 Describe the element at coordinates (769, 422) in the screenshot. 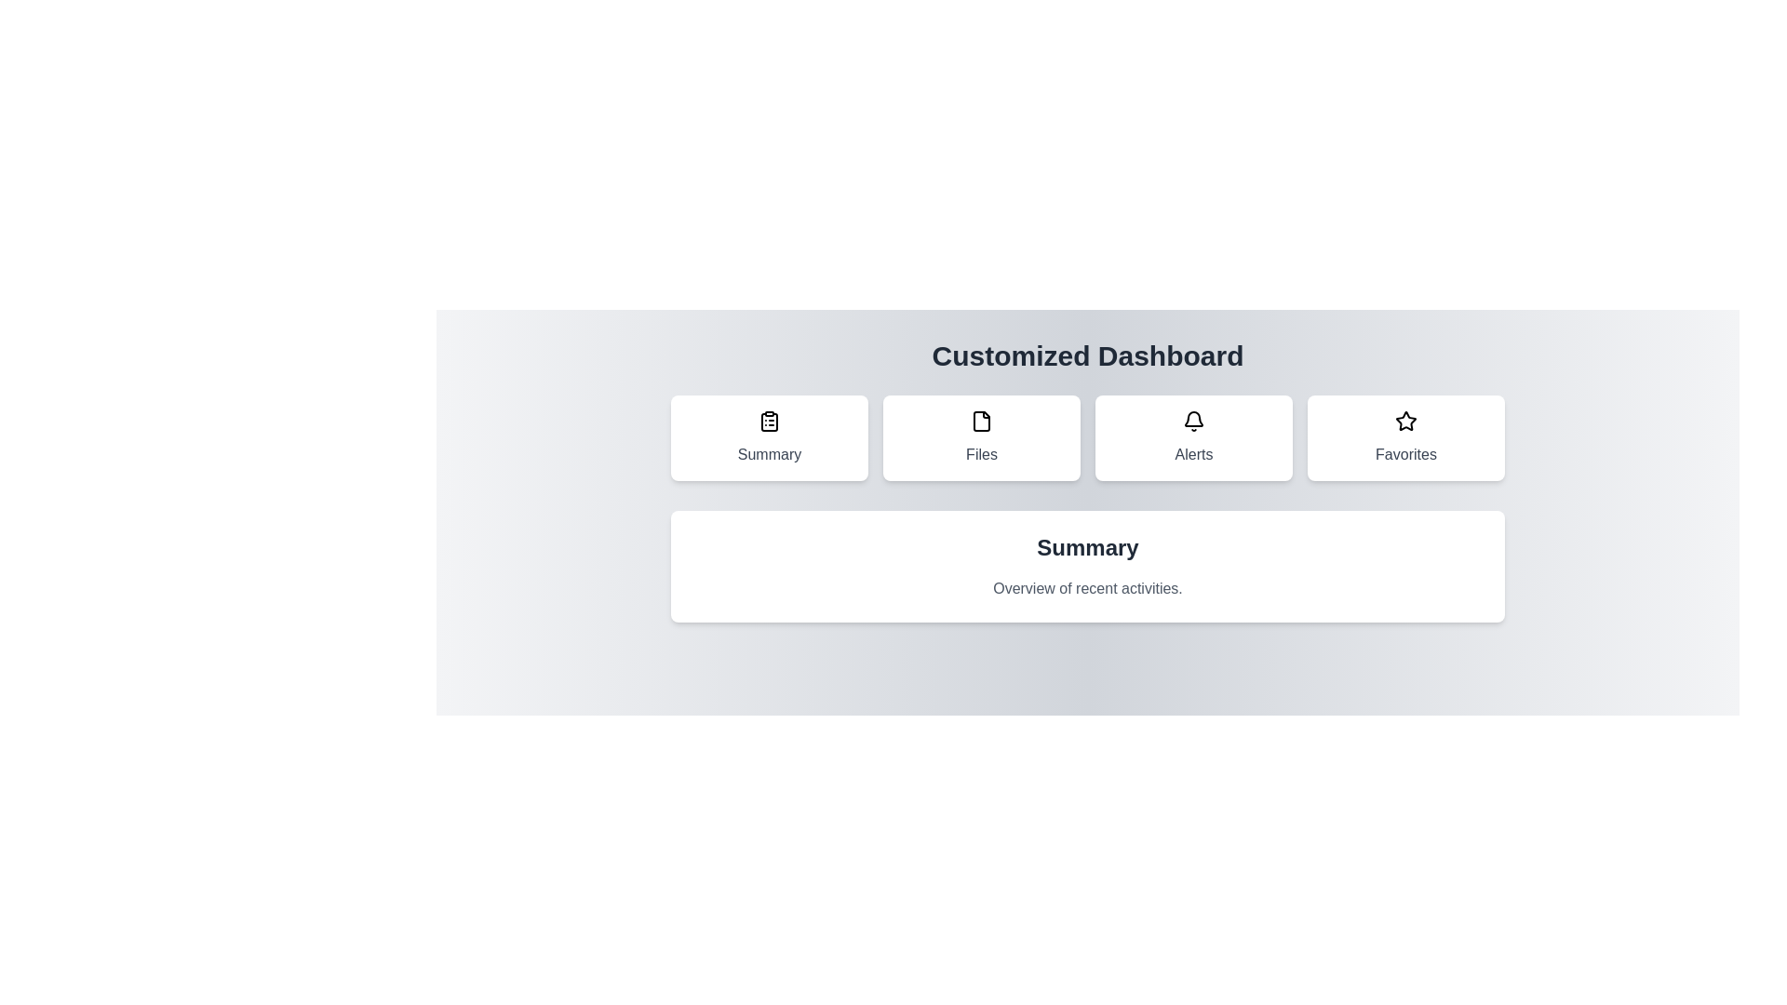

I see `the vertical rectangle icon resembling a clipboard with a list, located in the leftmost button of the top row` at that location.